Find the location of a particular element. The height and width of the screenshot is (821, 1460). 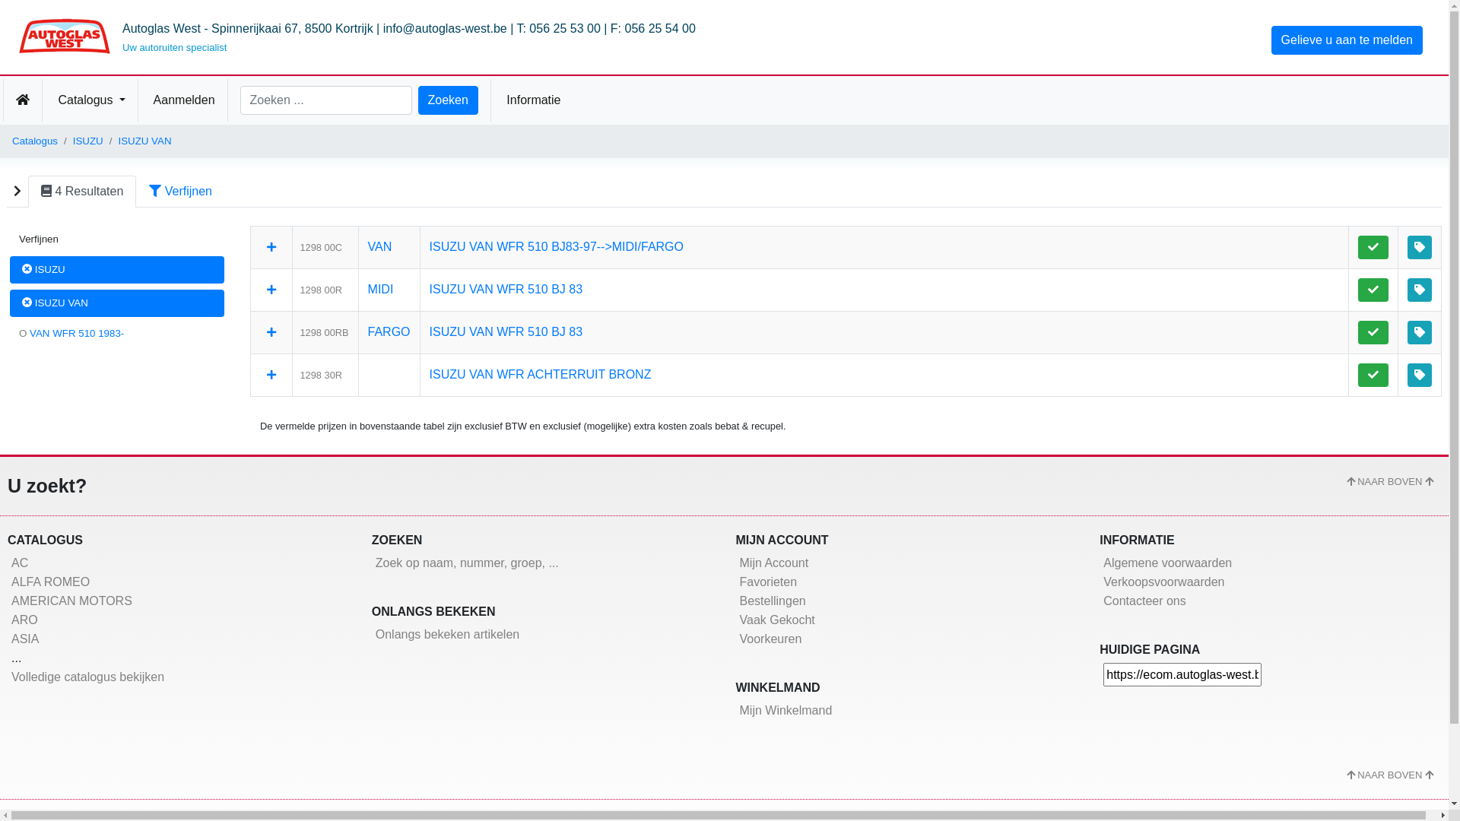

' Informatie' is located at coordinates (532, 100).